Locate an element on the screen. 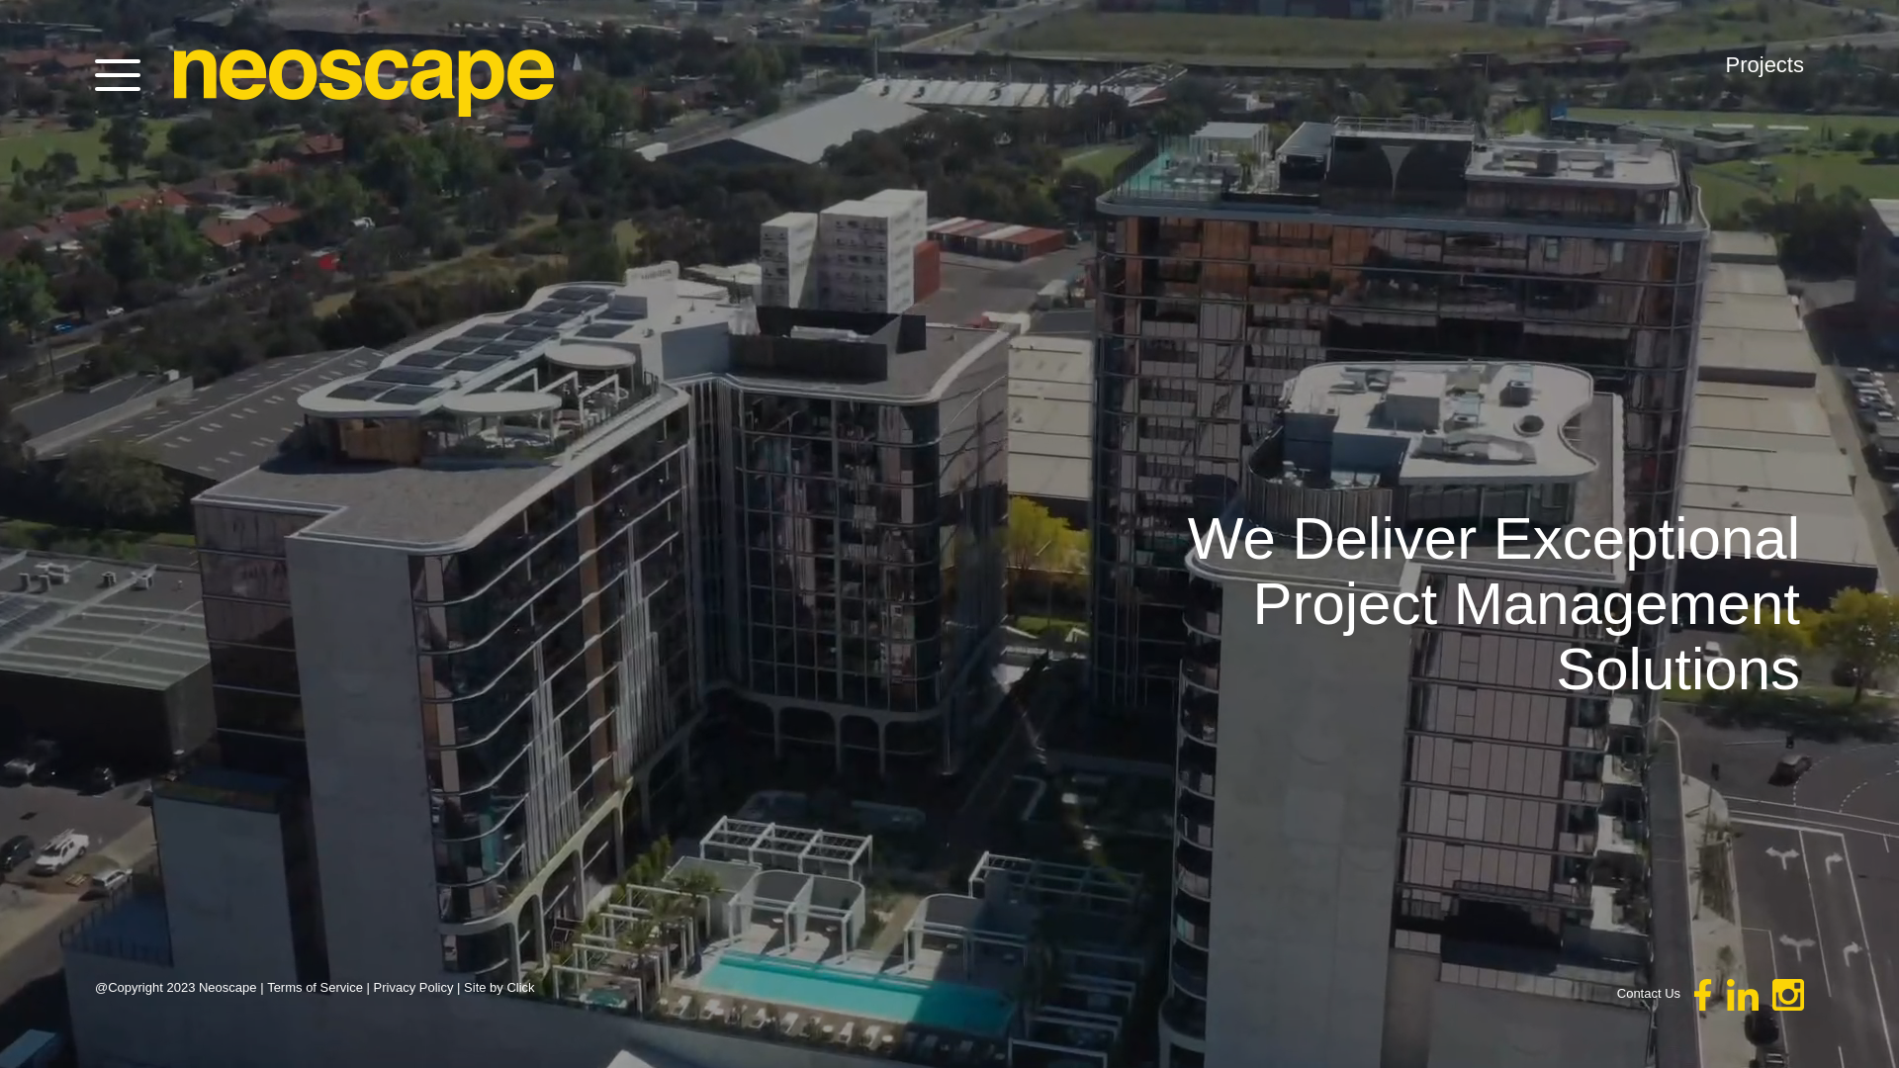 Image resolution: width=1899 pixels, height=1068 pixels. 'Privacy Policy' is located at coordinates (412, 987).